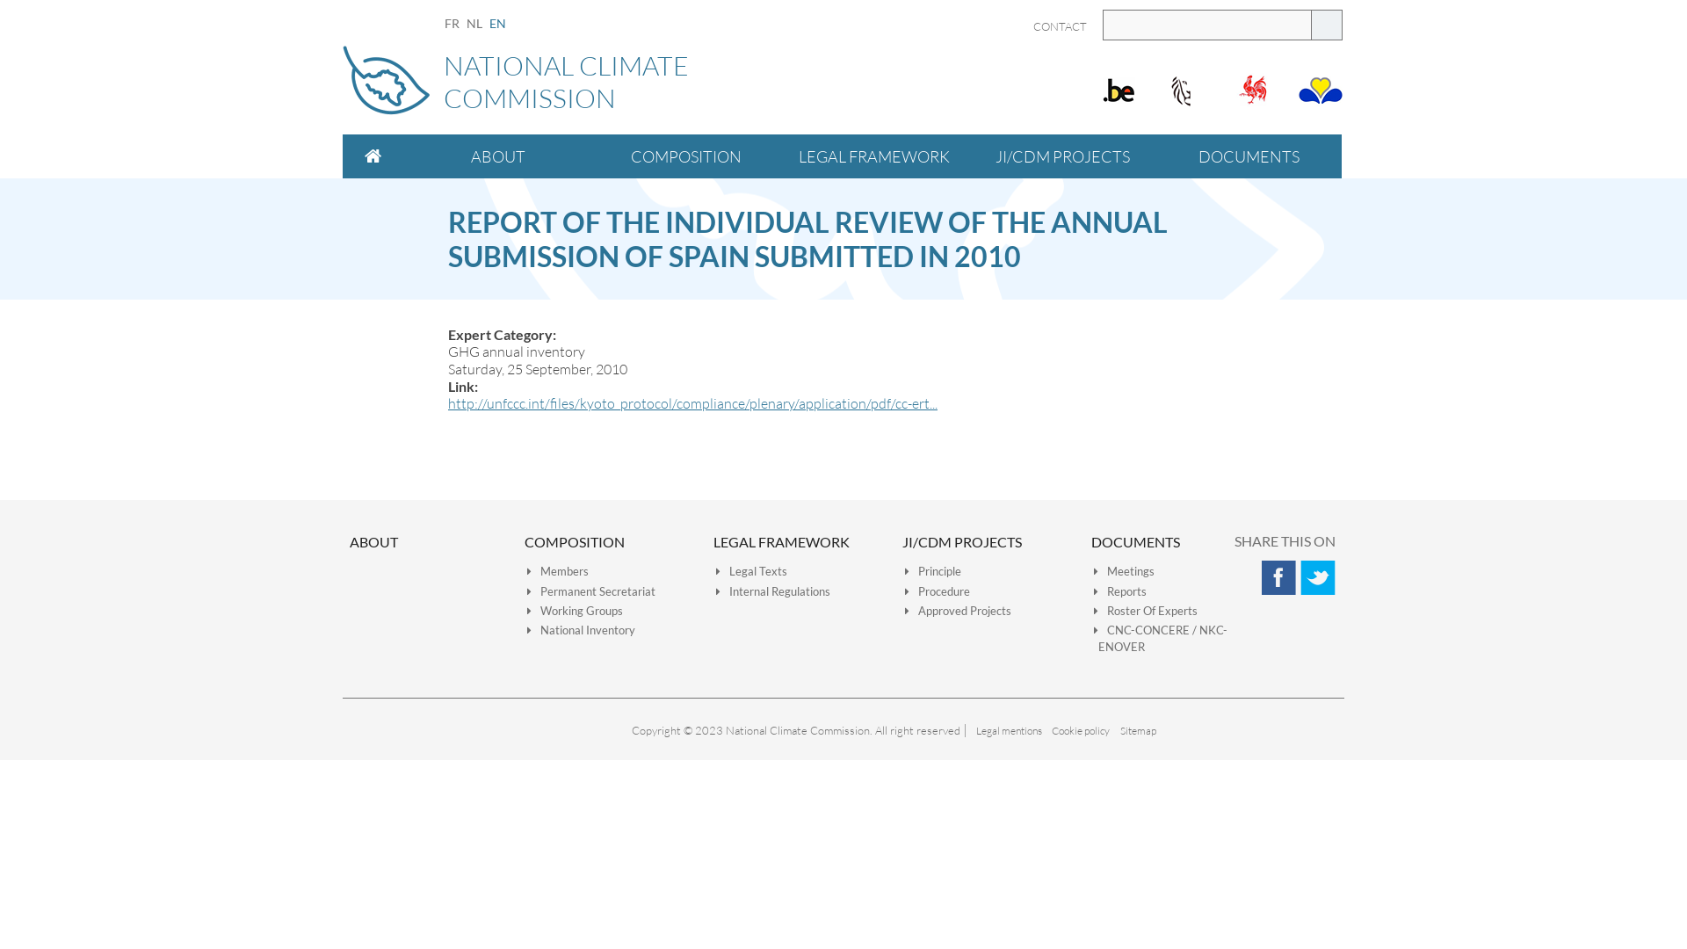  Describe the element at coordinates (1090, 540) in the screenshot. I see `'DOCUMENTS'` at that location.